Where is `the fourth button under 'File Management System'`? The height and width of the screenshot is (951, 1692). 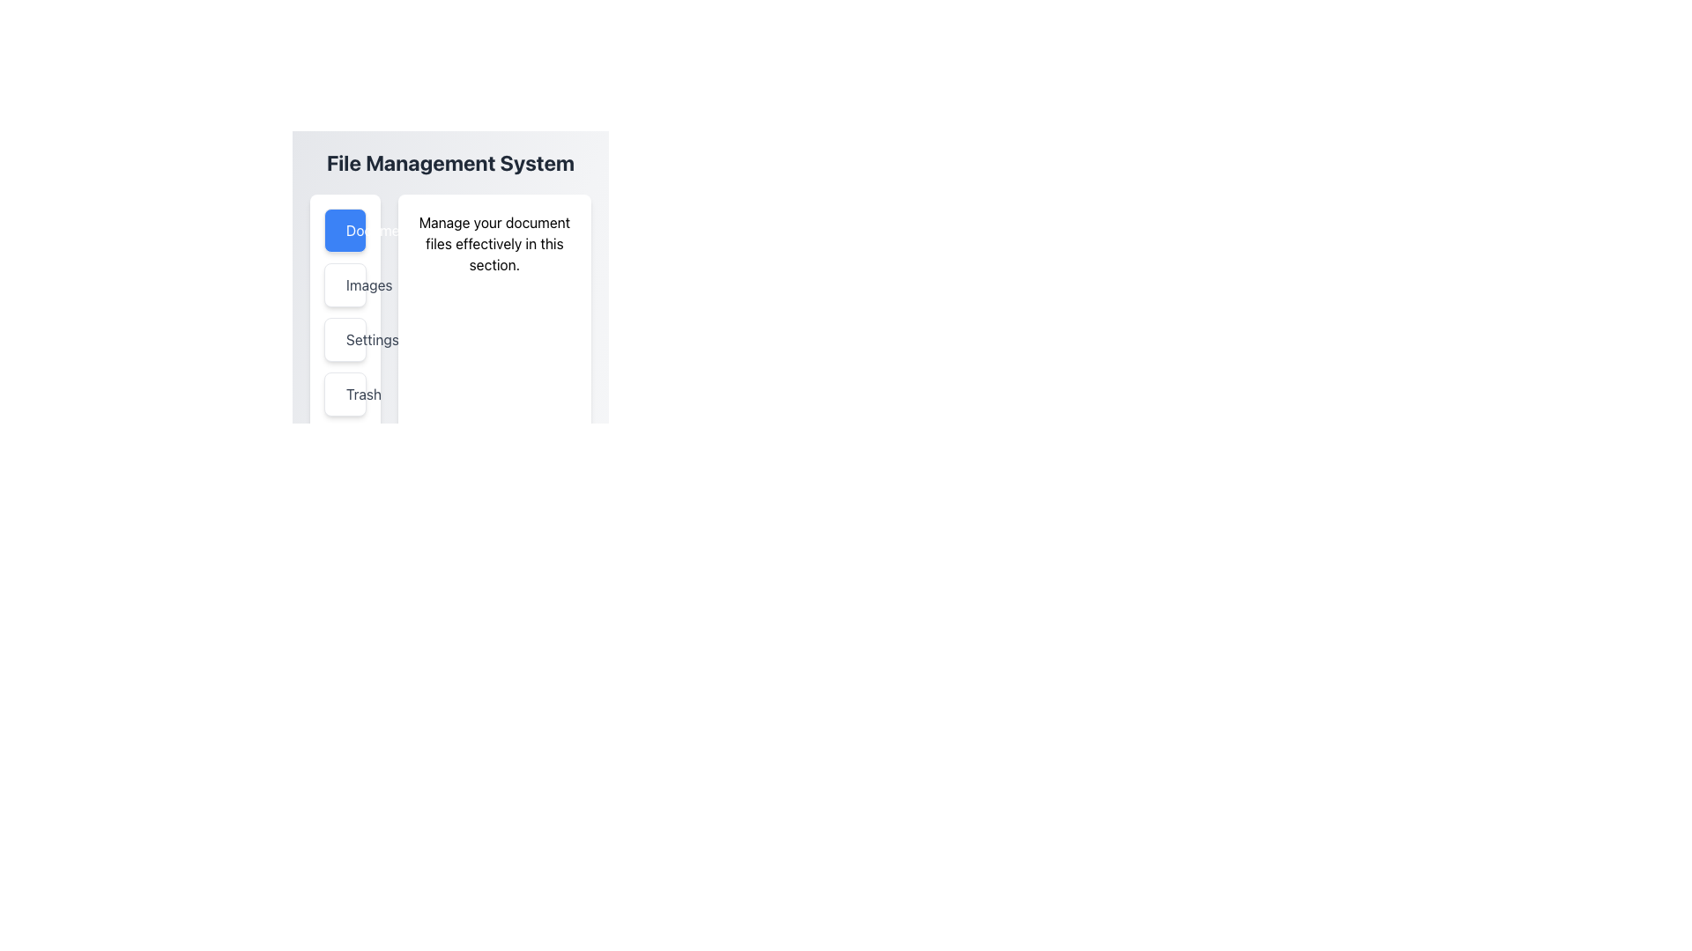
the fourth button under 'File Management System' is located at coordinates (345, 393).